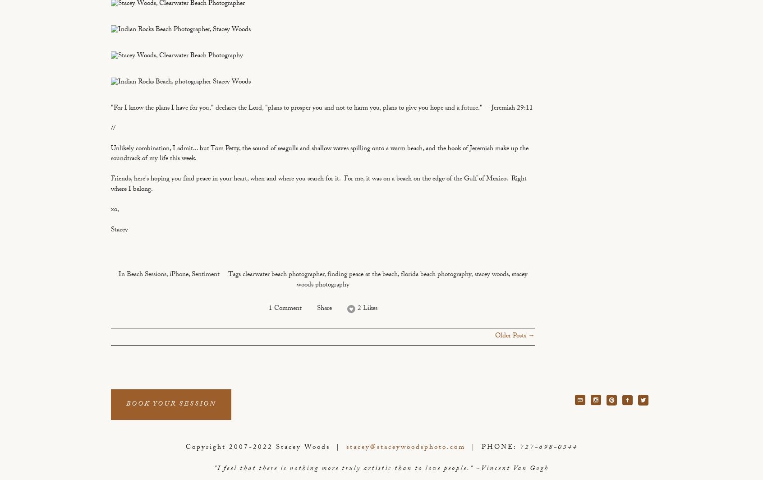 This screenshot has width=763, height=480. I want to click on '"For I know the plans I have for you," declares the Lord, "plans to prosper you and not to harm you, plans to give you hope and a future."  --Jeremiah 29:11', so click(322, 108).